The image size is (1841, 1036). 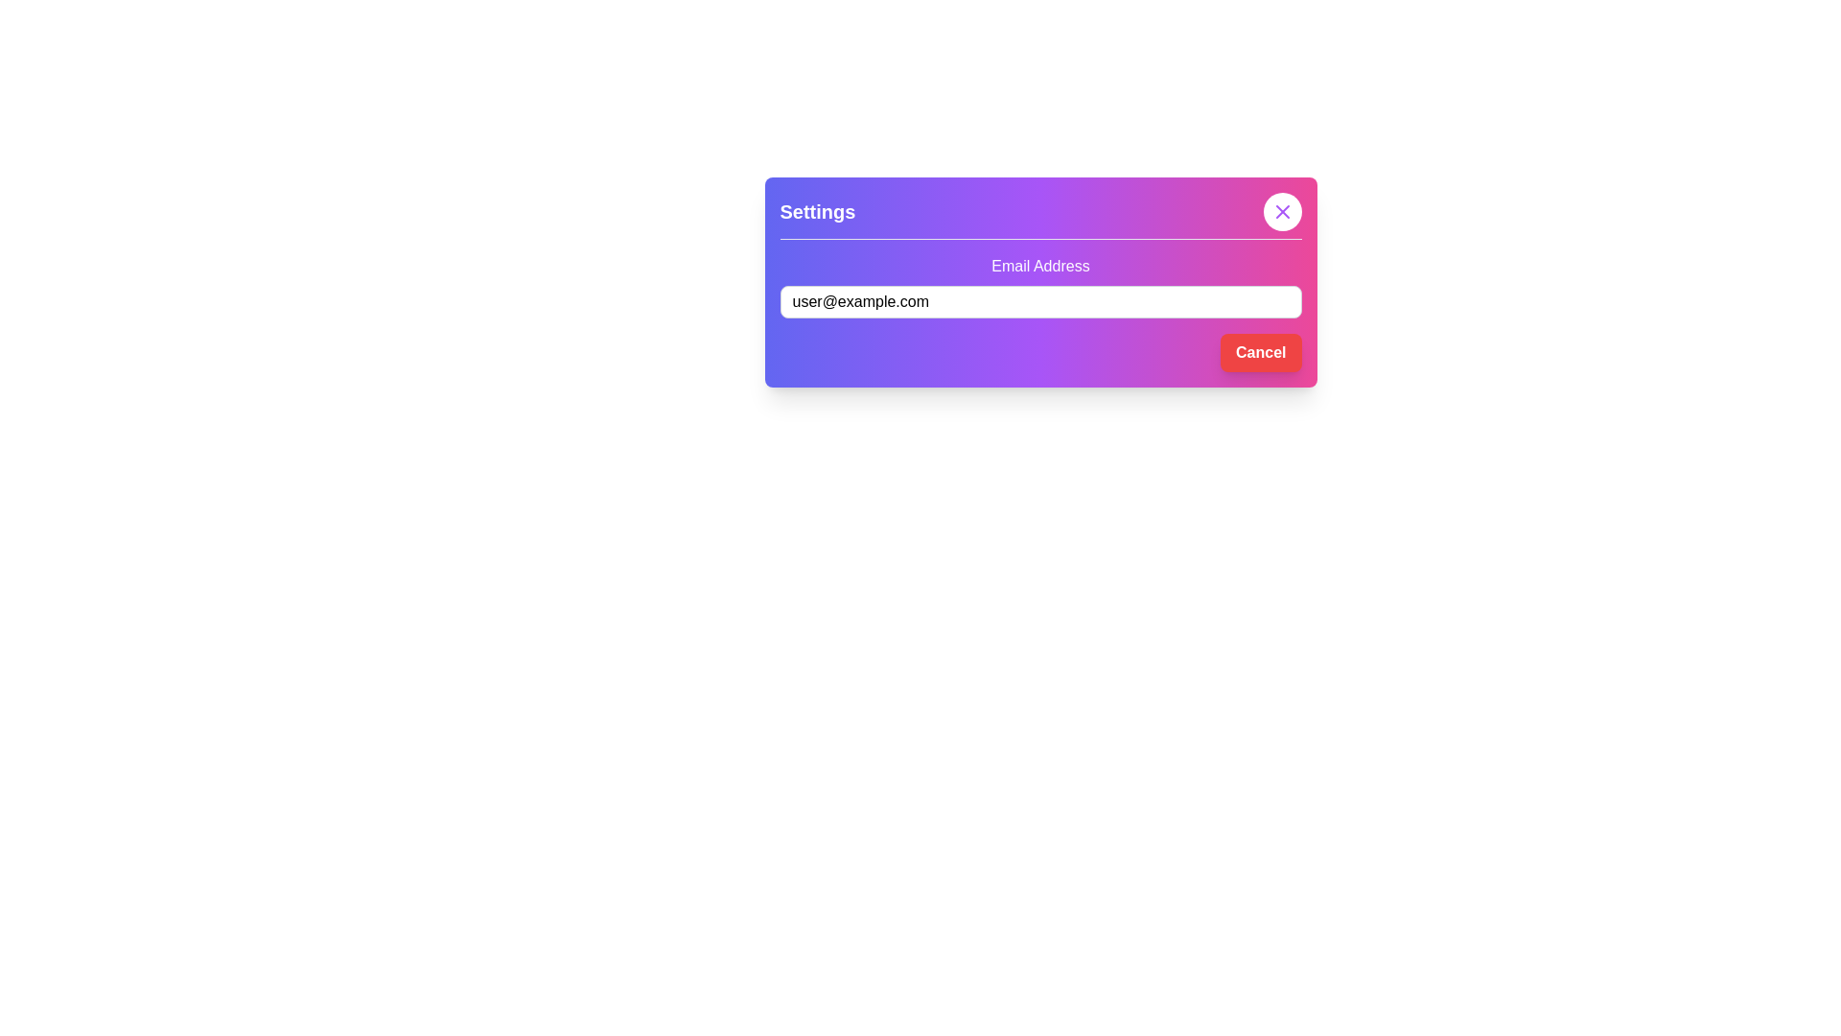 What do you see at coordinates (1282, 211) in the screenshot?
I see `the close button located in the upper-right corner of the 'Settings' modal` at bounding box center [1282, 211].